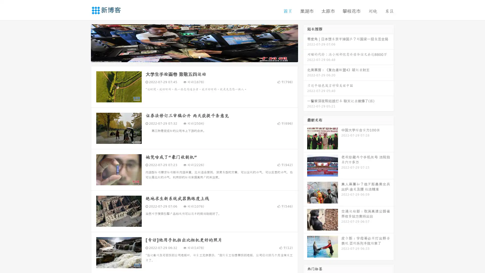 The width and height of the screenshot is (485, 273). Describe the element at coordinates (194, 57) in the screenshot. I see `Go to slide 2` at that location.